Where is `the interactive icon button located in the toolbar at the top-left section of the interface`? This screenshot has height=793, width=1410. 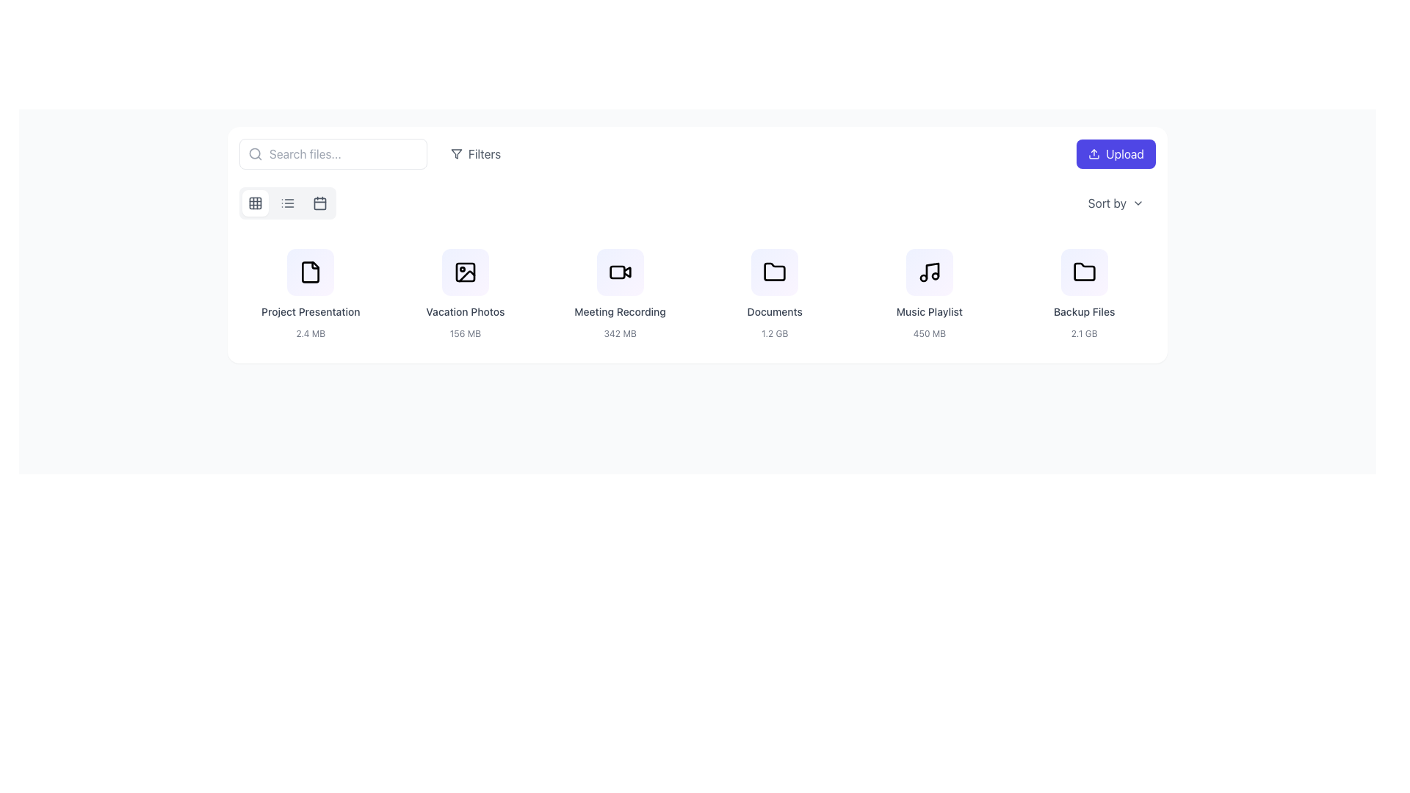 the interactive icon button located in the toolbar at the top-left section of the interface is located at coordinates (255, 203).